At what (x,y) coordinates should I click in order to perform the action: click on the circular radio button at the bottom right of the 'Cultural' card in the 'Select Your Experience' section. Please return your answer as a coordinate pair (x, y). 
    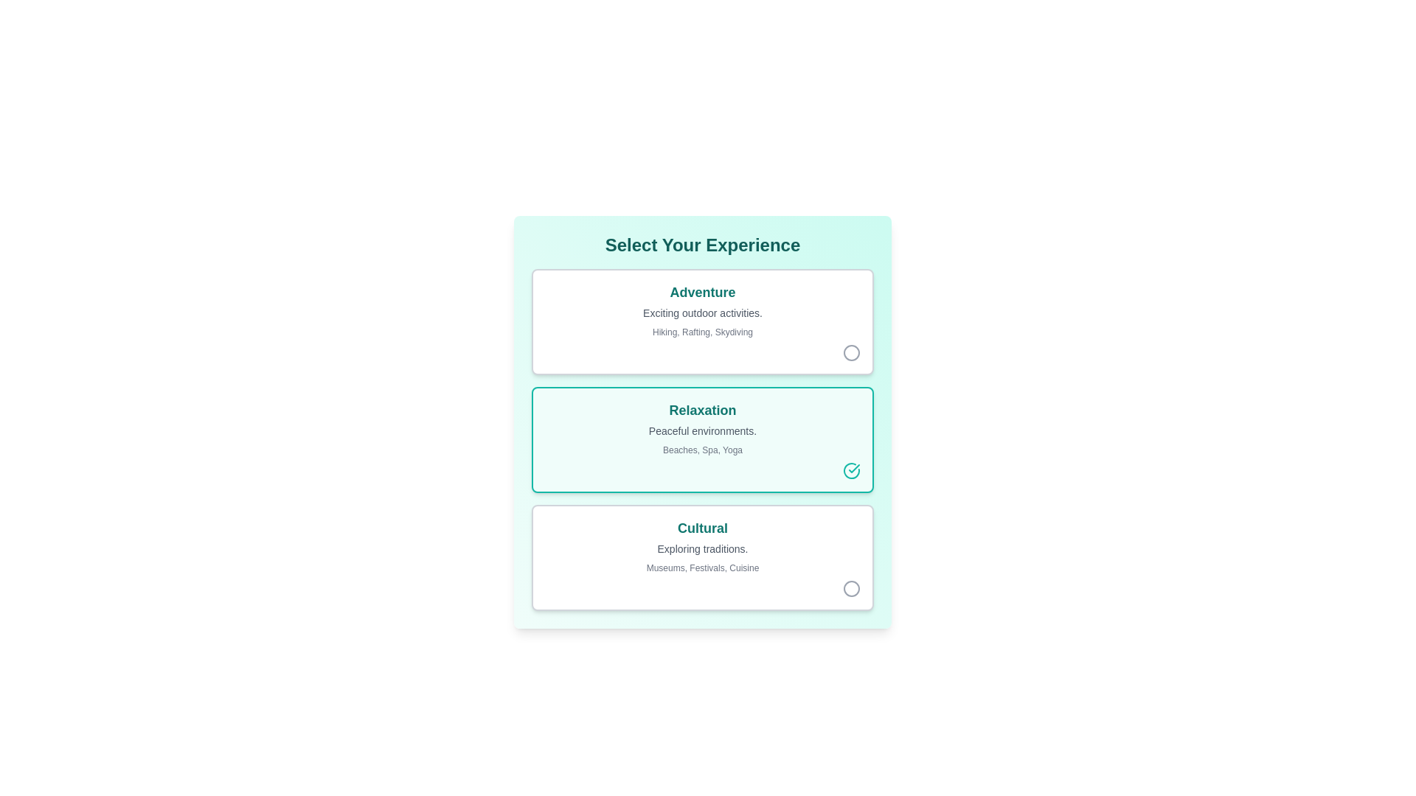
    Looking at the image, I should click on (852, 587).